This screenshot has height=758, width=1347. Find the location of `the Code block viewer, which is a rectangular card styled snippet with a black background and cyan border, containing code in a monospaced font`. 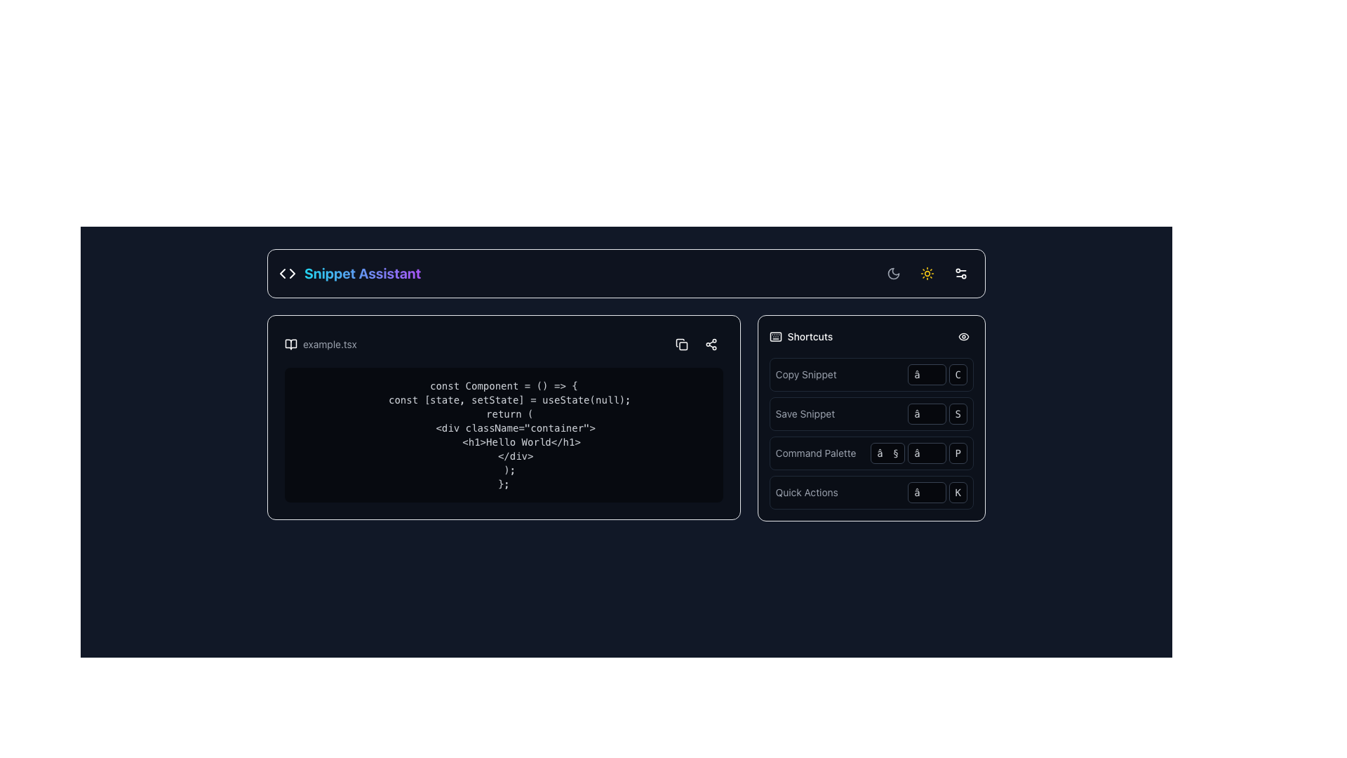

the Code block viewer, which is a rectangular card styled snippet with a black background and cyan border, containing code in a monospaced font is located at coordinates (504, 416).